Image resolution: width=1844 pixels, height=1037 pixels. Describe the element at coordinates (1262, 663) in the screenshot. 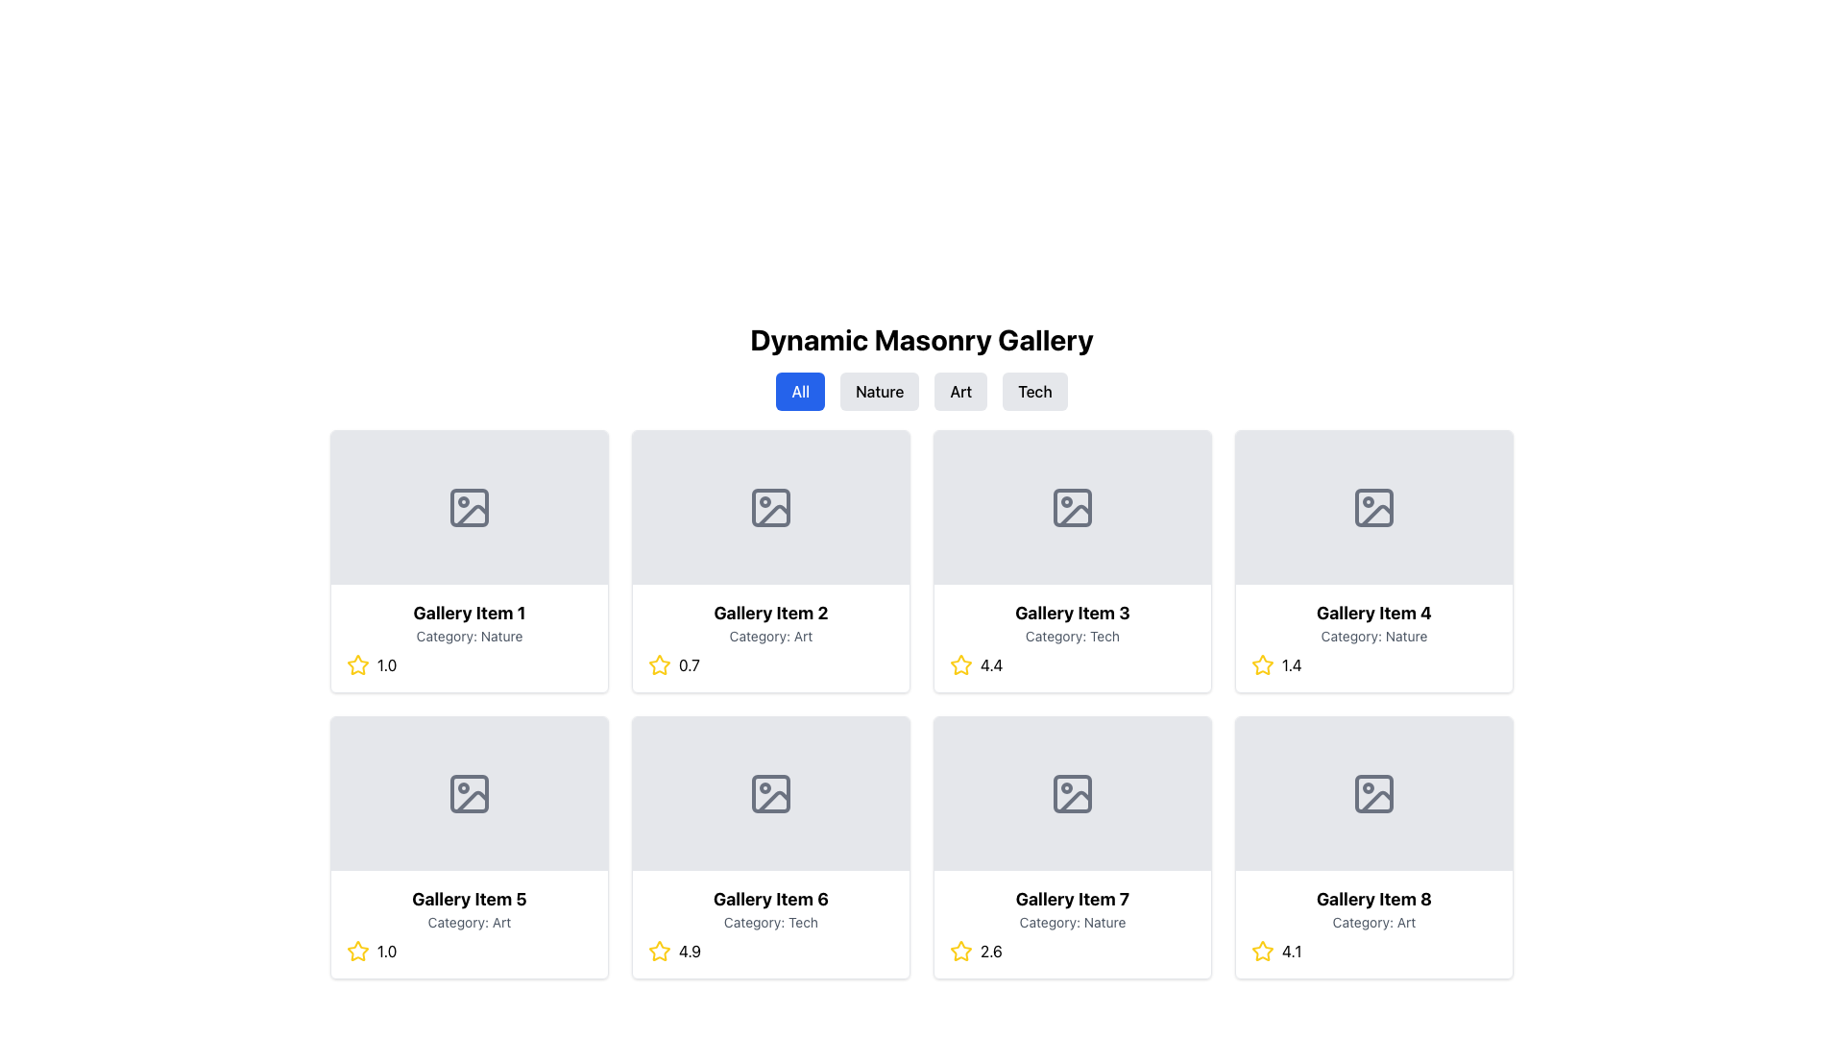

I see `the star icon used for the rating system located in the card labeled 'Gallery Item 4'` at that location.